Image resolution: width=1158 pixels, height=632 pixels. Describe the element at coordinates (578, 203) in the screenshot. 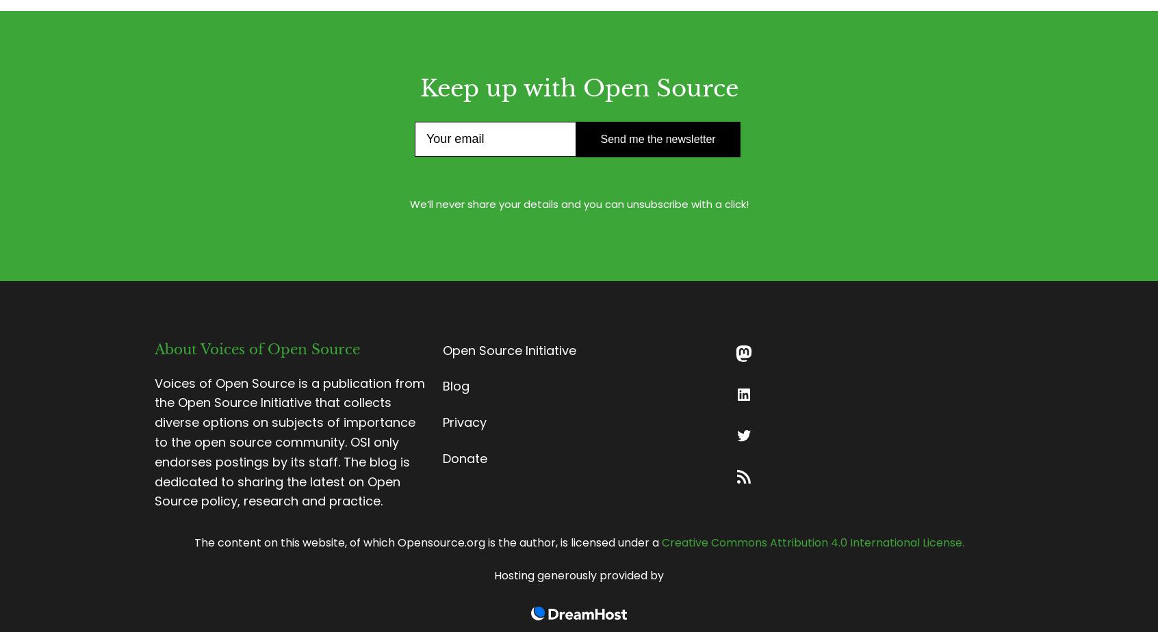

I see `'We’ll never share your details and you can unsubscribe with a click!'` at that location.